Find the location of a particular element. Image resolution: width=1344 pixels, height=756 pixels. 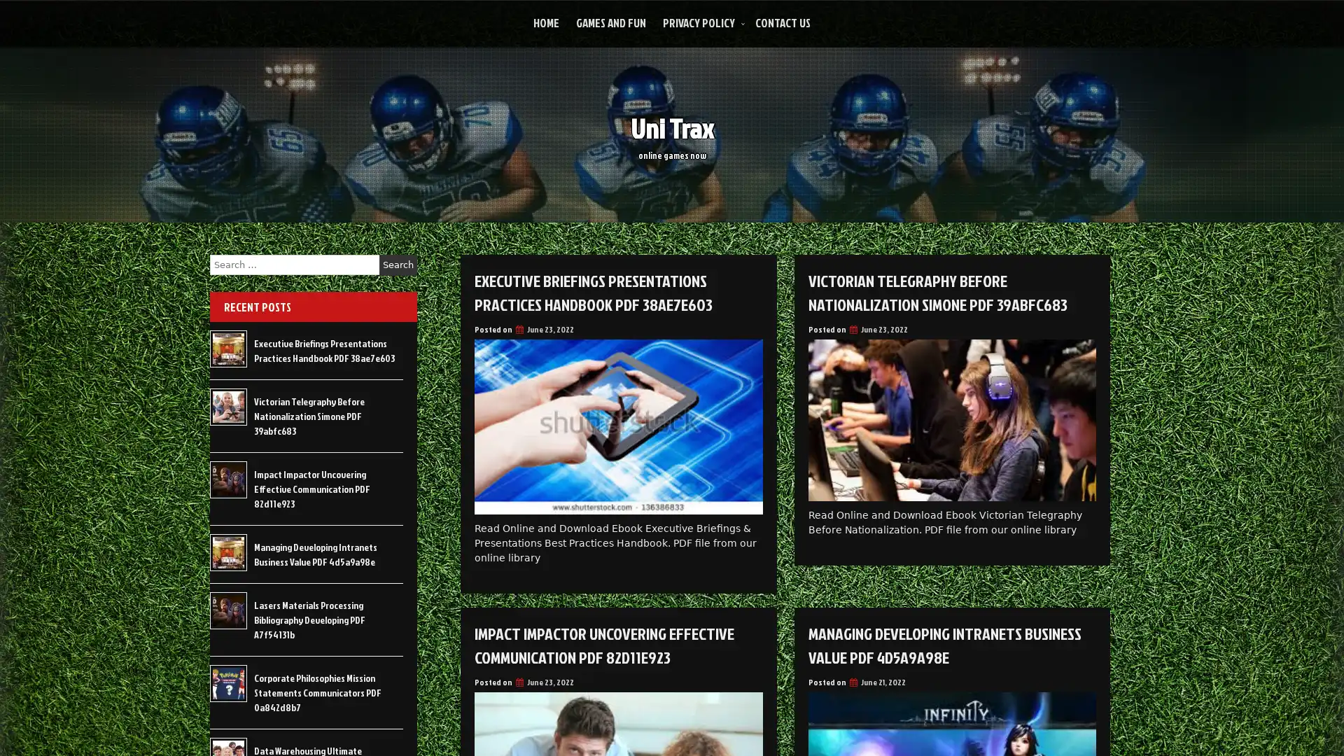

Search is located at coordinates (398, 265).